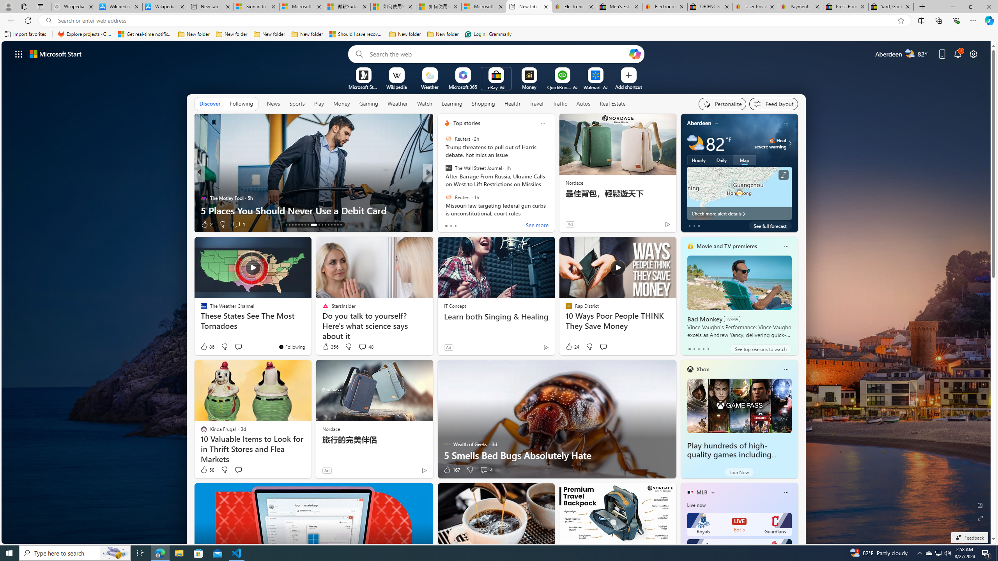 The width and height of the screenshot is (998, 561). I want to click on 'Learning', so click(451, 103).